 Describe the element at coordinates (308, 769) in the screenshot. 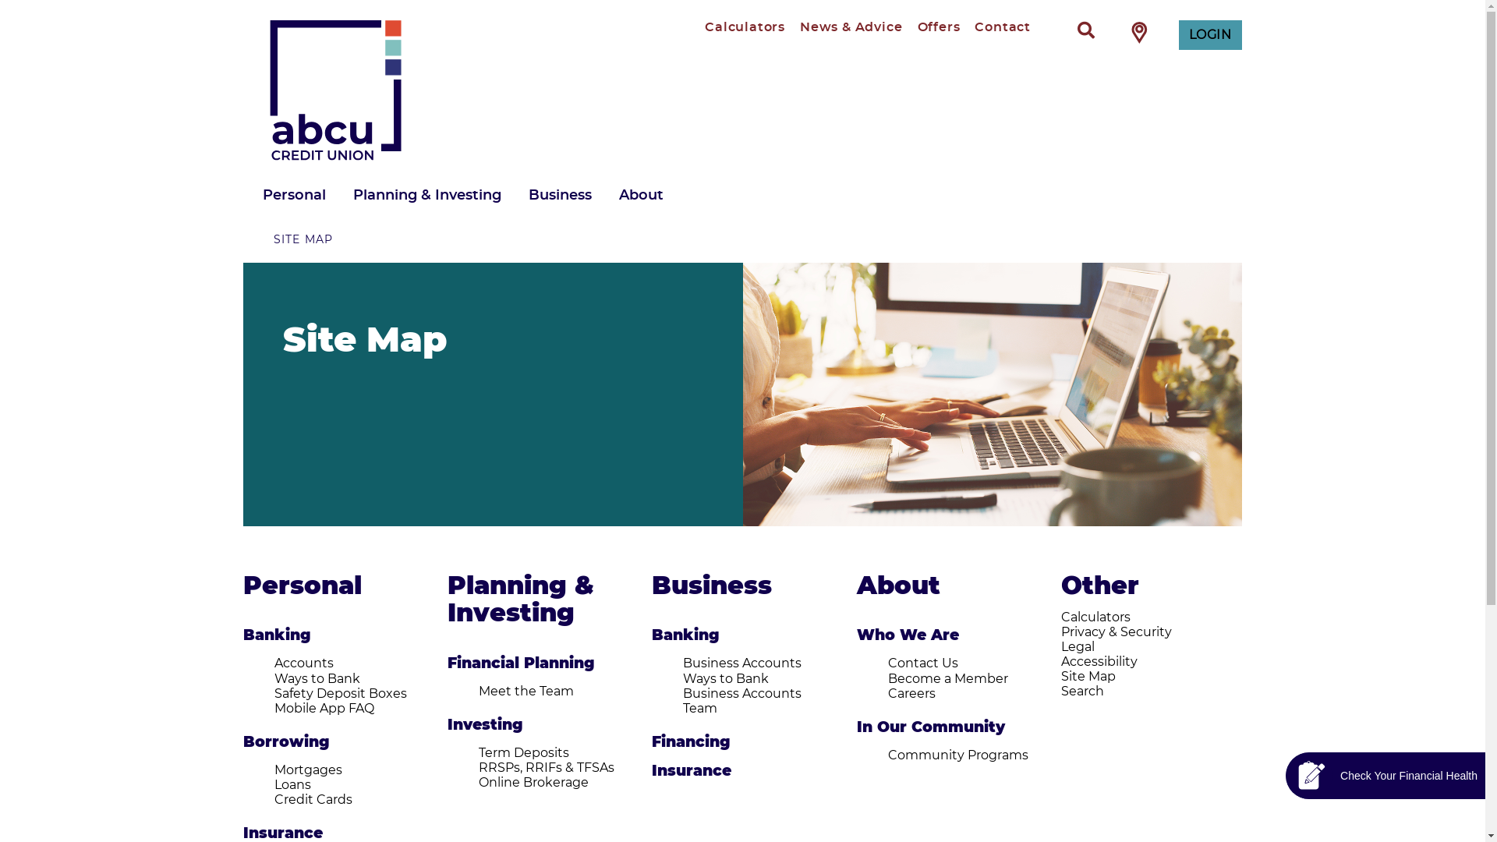

I see `'Mortgages'` at that location.